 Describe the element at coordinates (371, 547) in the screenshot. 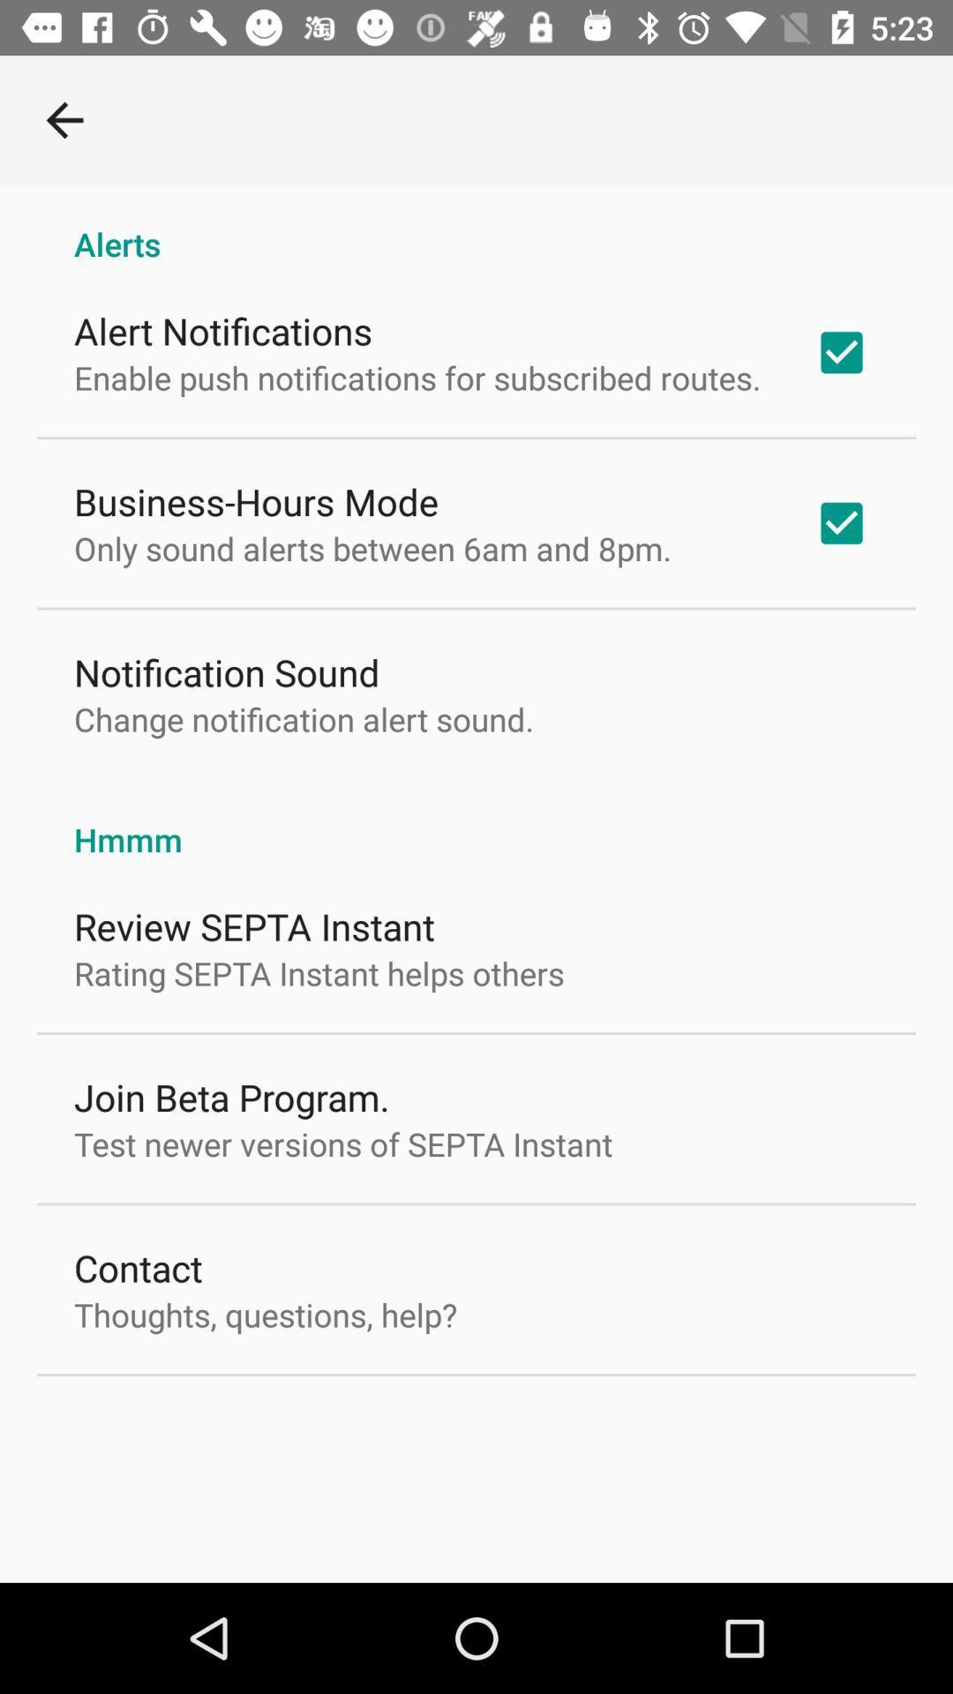

I see `item below business-hours mode` at that location.